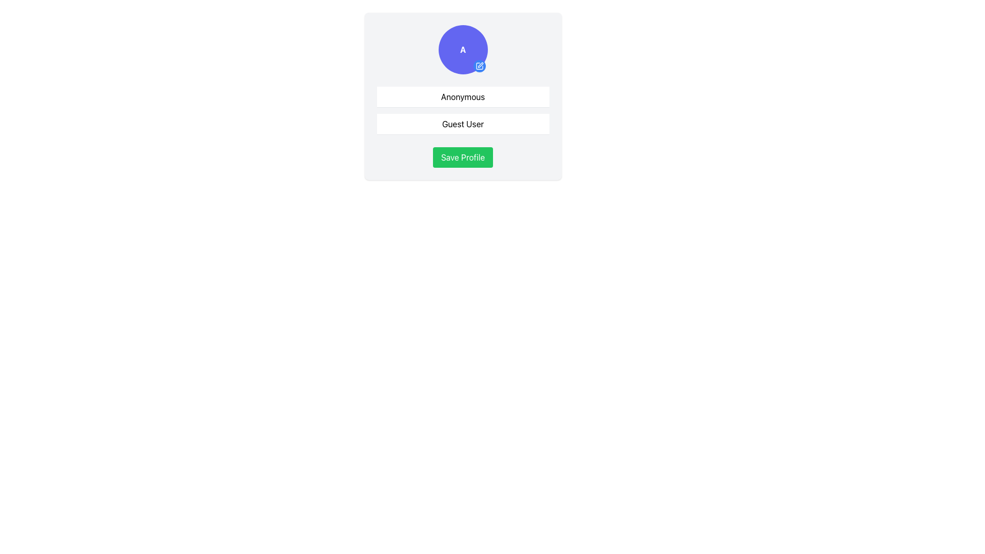 The image size is (985, 554). Describe the element at coordinates (462, 49) in the screenshot. I see `the Avatar display or profile picture placeholder` at that location.